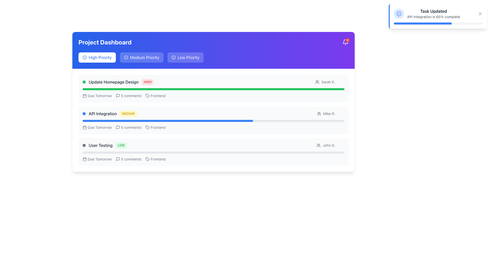 This screenshot has width=491, height=276. Describe the element at coordinates (155, 96) in the screenshot. I see `the rightmost label with an icon that categorizes the task as related to 'Frontend' within the 'Update Homepage Design' task description` at that location.